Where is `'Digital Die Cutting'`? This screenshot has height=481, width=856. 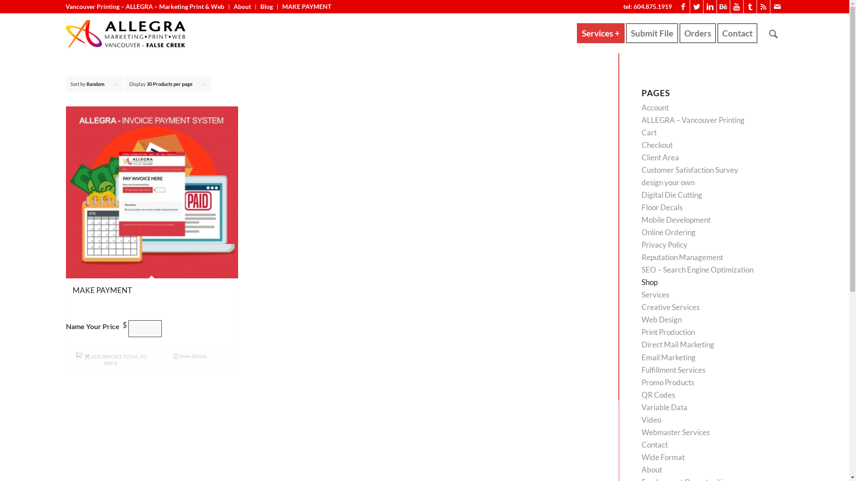
'Digital Die Cutting' is located at coordinates (672, 194).